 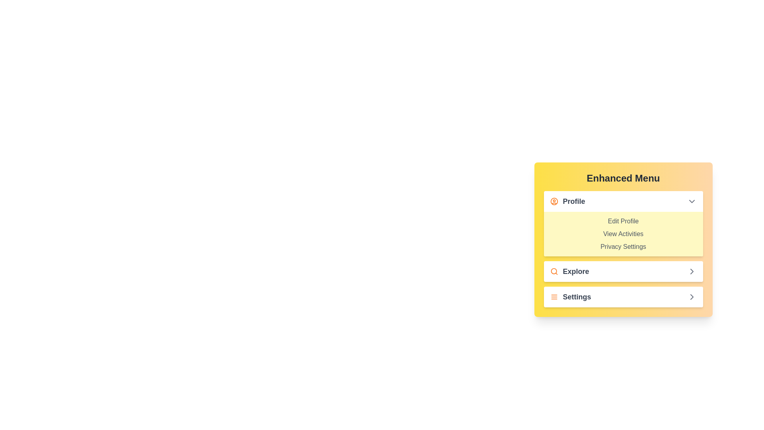 I want to click on the 'Settings' text label in the 'Enhanced Menu' under the 'Explore' section, so click(x=577, y=297).